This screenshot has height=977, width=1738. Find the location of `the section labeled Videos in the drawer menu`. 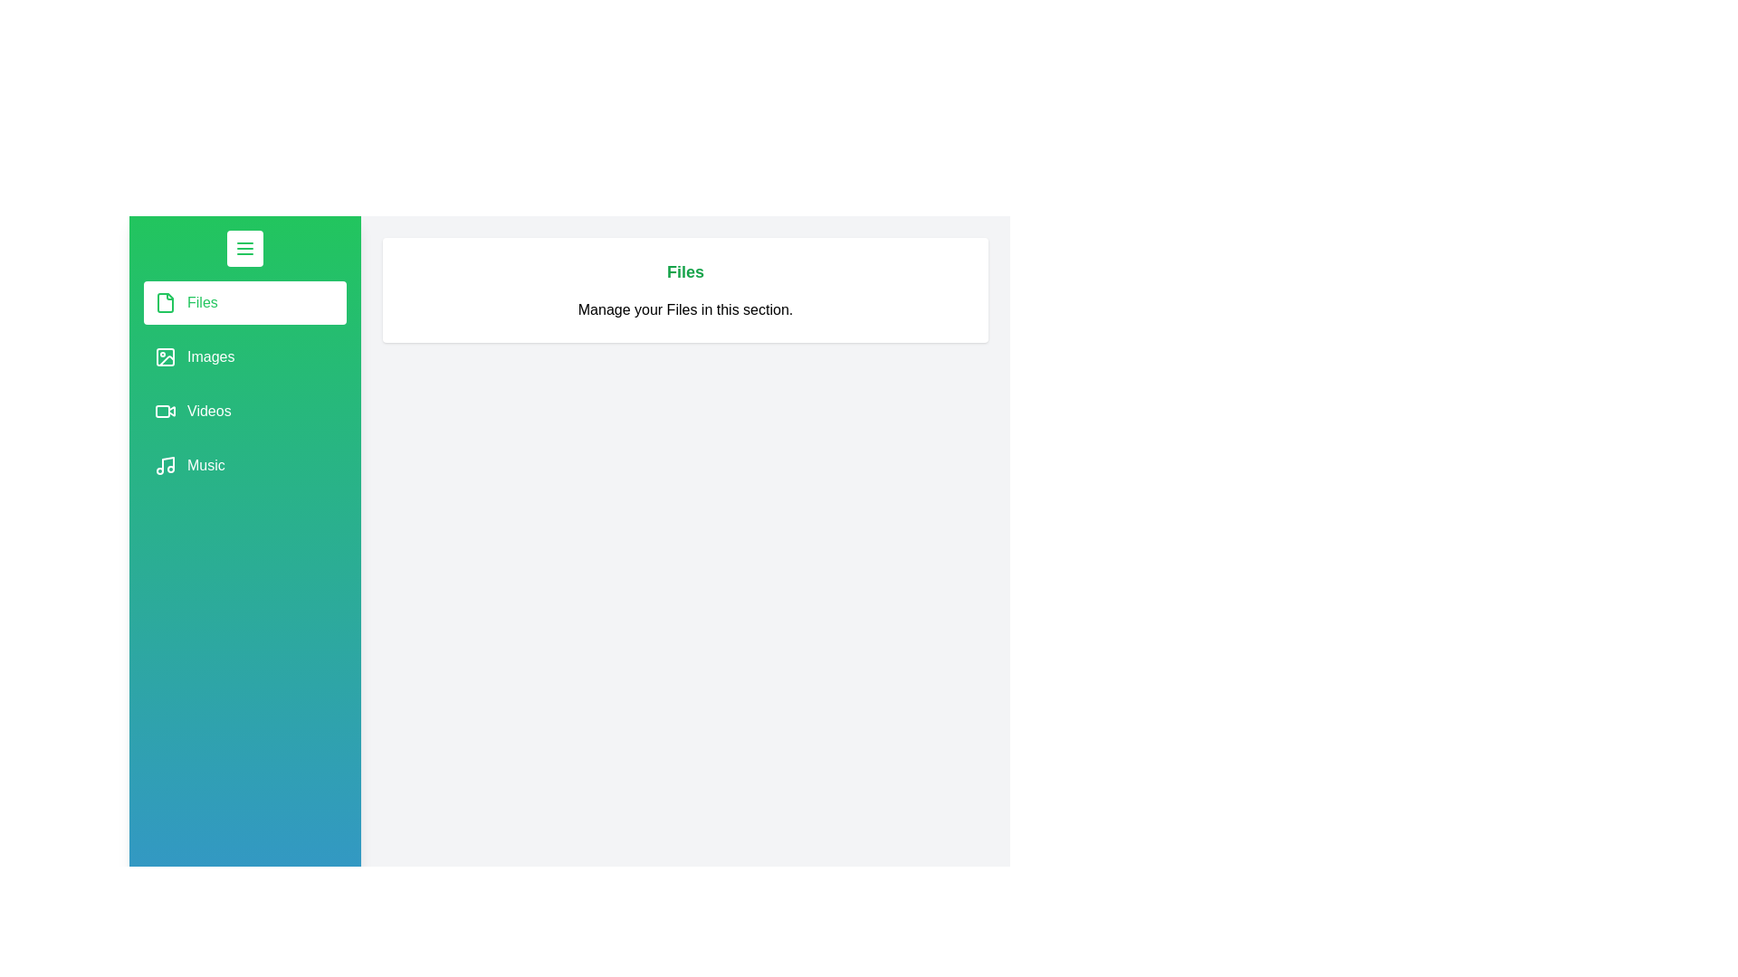

the section labeled Videos in the drawer menu is located at coordinates (244, 412).